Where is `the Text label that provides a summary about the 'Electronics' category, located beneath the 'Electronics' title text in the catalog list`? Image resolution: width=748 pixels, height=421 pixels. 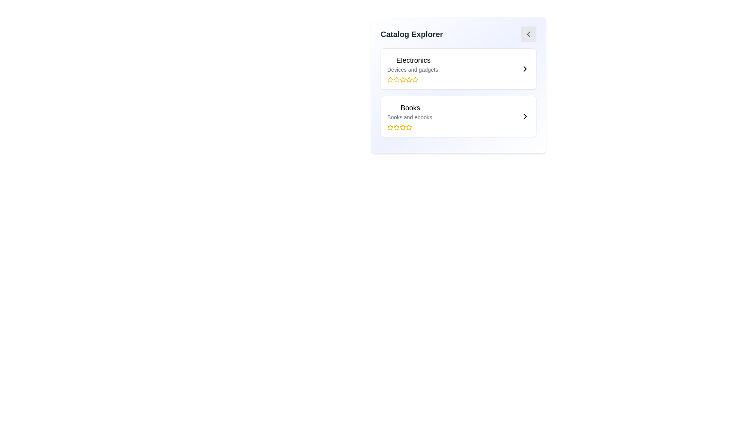 the Text label that provides a summary about the 'Electronics' category, located beneath the 'Electronics' title text in the catalog list is located at coordinates (413, 69).